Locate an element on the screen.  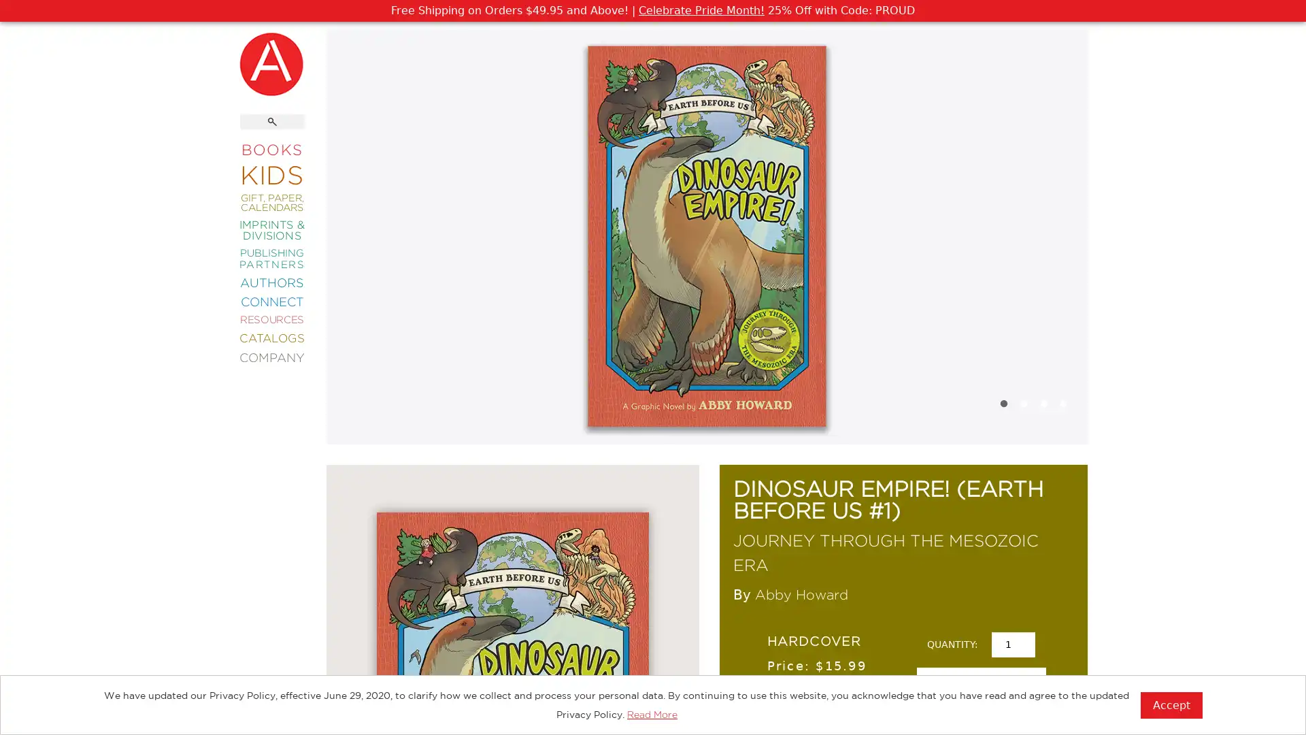
BOOKS is located at coordinates (271, 149).